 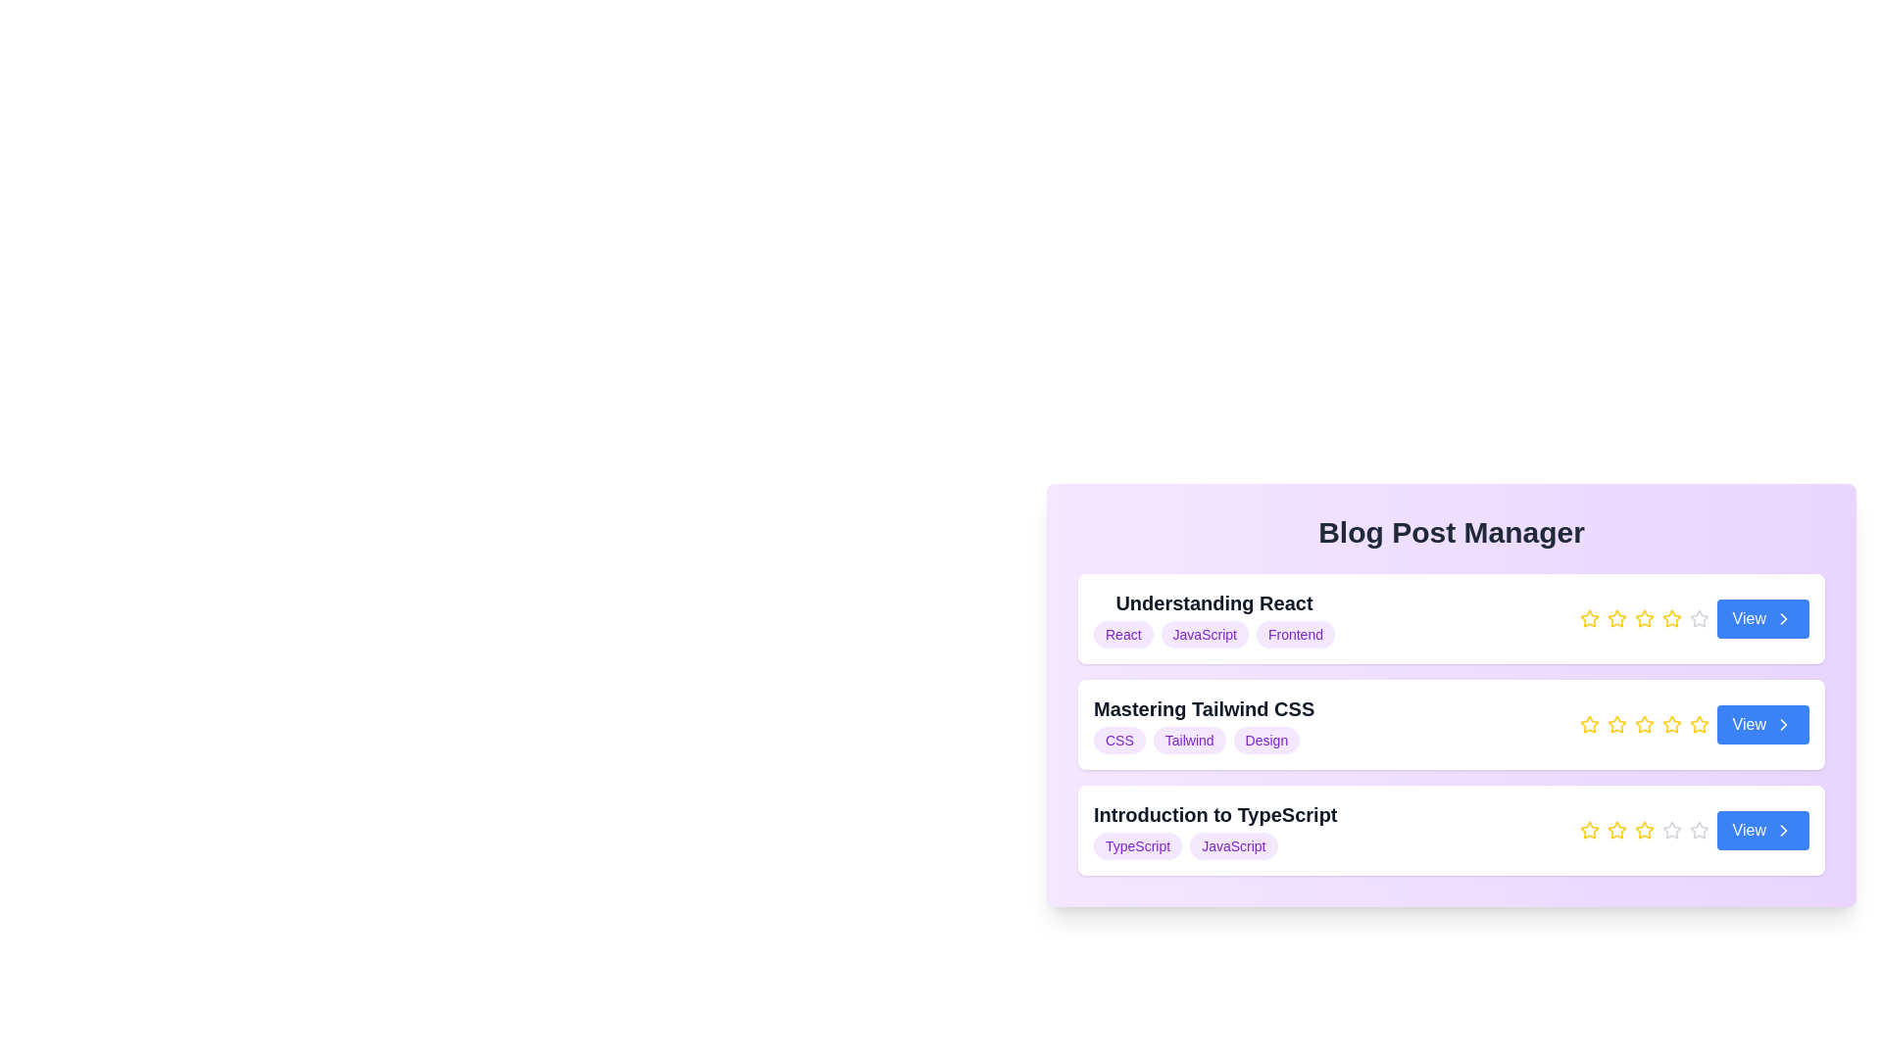 What do you see at coordinates (1698, 724) in the screenshot?
I see `the fourth star icon in the five-star rating system next to the 'Mastering Tailwind CSS' list item` at bounding box center [1698, 724].